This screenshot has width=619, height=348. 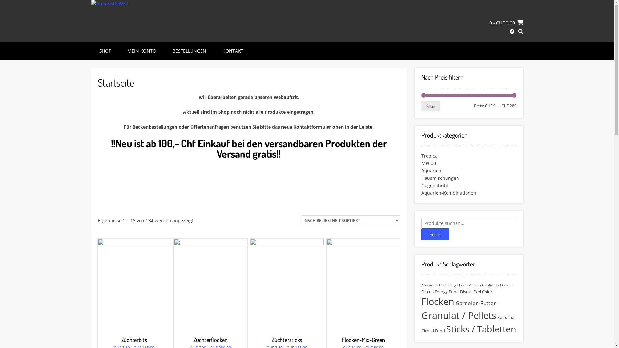 I want to click on 'Aquarien', so click(x=431, y=170).